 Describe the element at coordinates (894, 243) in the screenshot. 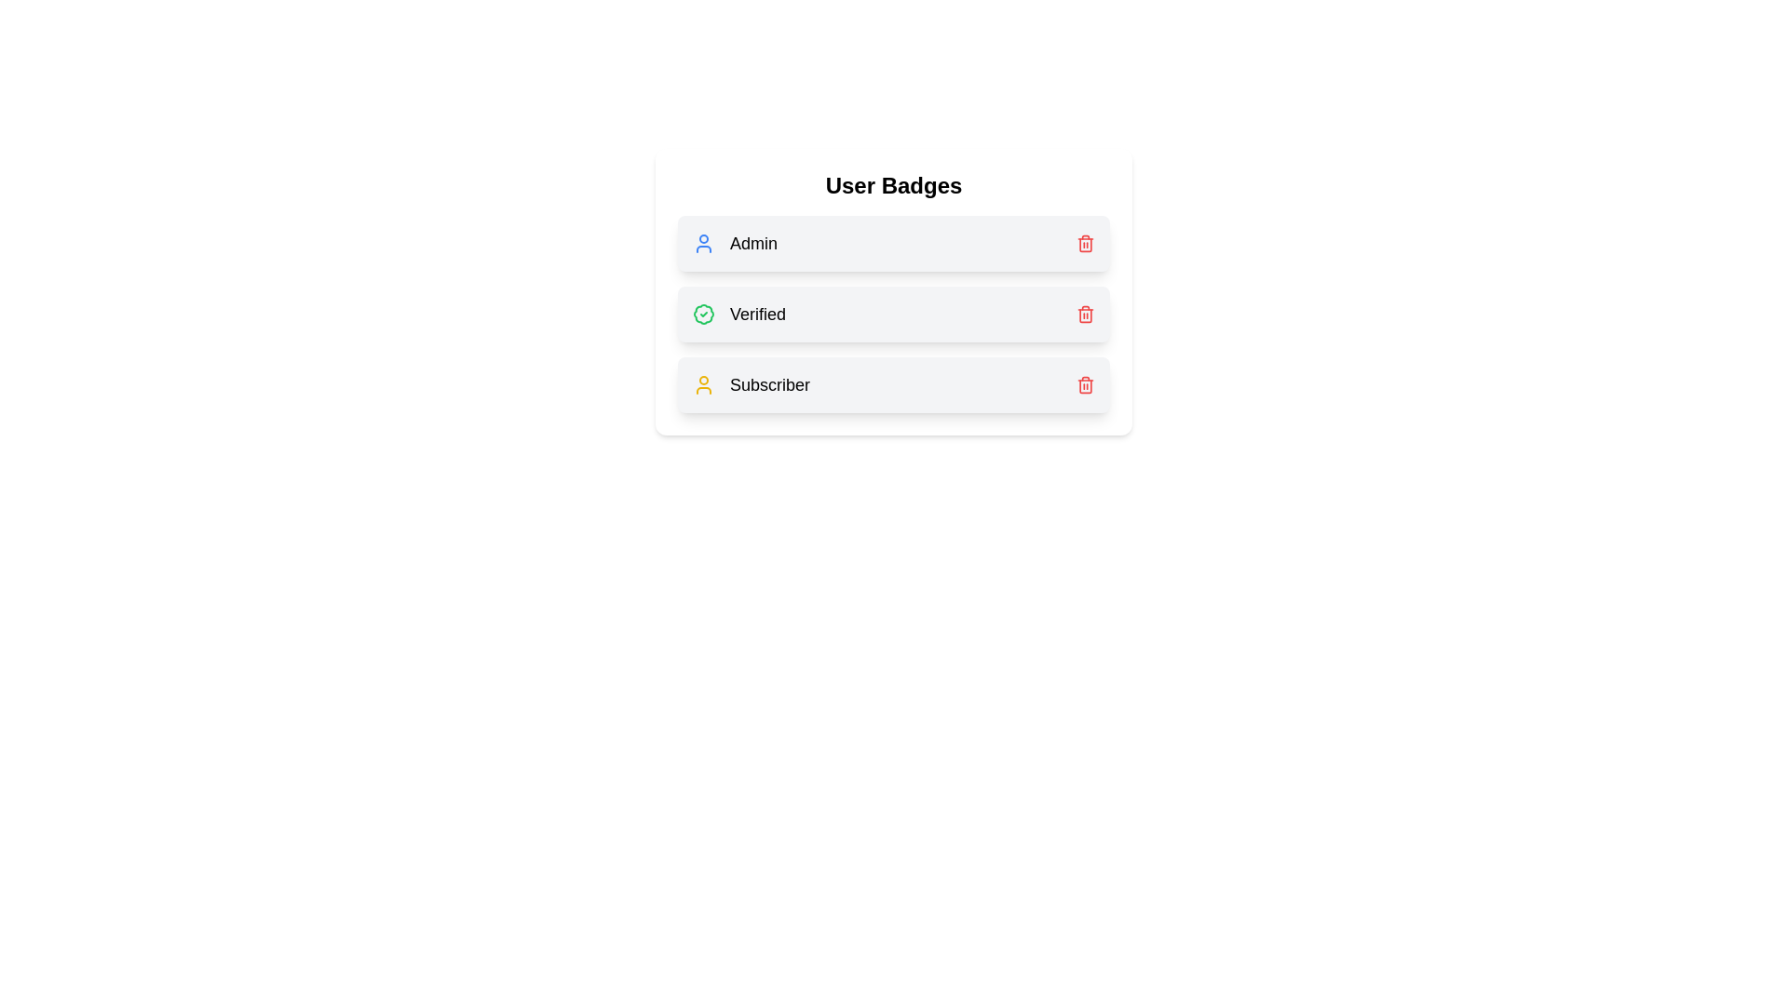

I see `the badge row corresponding to Admin` at that location.